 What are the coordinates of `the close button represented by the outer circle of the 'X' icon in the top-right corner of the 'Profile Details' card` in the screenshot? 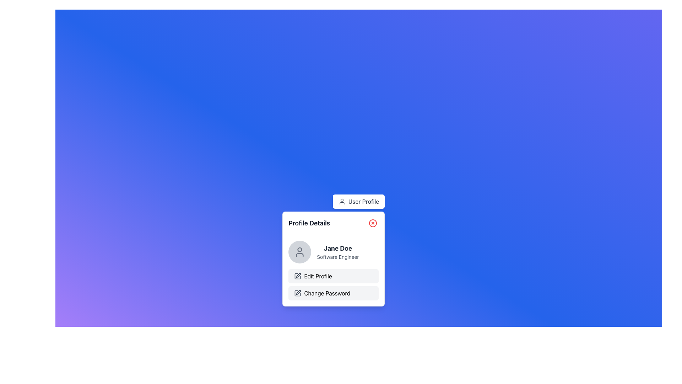 It's located at (373, 223).